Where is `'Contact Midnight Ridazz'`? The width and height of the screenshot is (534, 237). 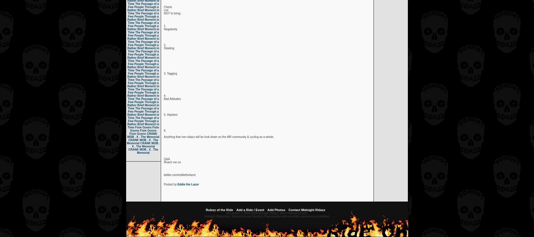
'Contact Midnight Ridazz' is located at coordinates (307, 210).